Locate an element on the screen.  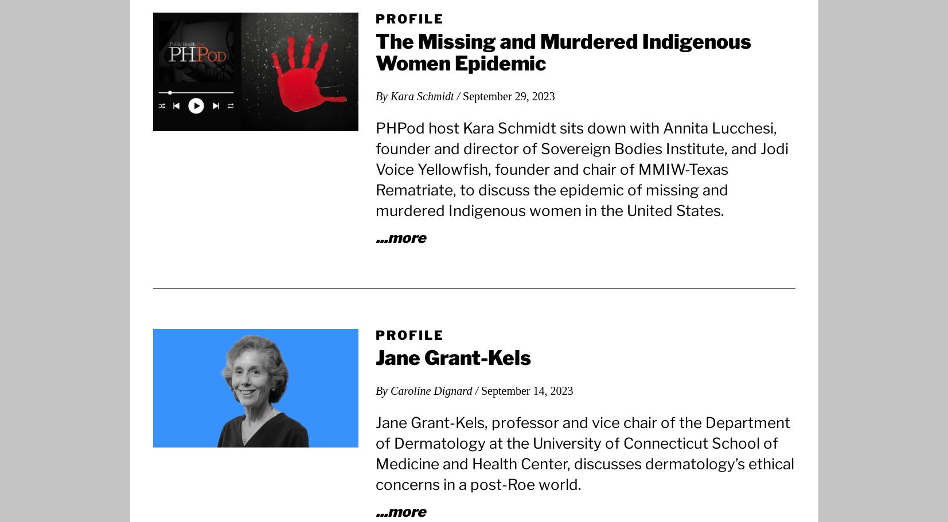
'The Missing and Murdered Indigenous Women Epidemic' is located at coordinates (563, 52).